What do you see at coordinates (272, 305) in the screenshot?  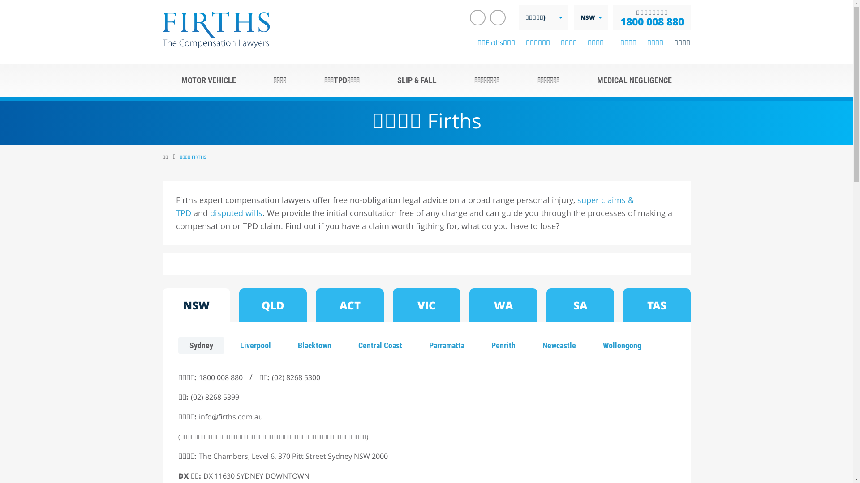 I see `'QLD'` at bounding box center [272, 305].